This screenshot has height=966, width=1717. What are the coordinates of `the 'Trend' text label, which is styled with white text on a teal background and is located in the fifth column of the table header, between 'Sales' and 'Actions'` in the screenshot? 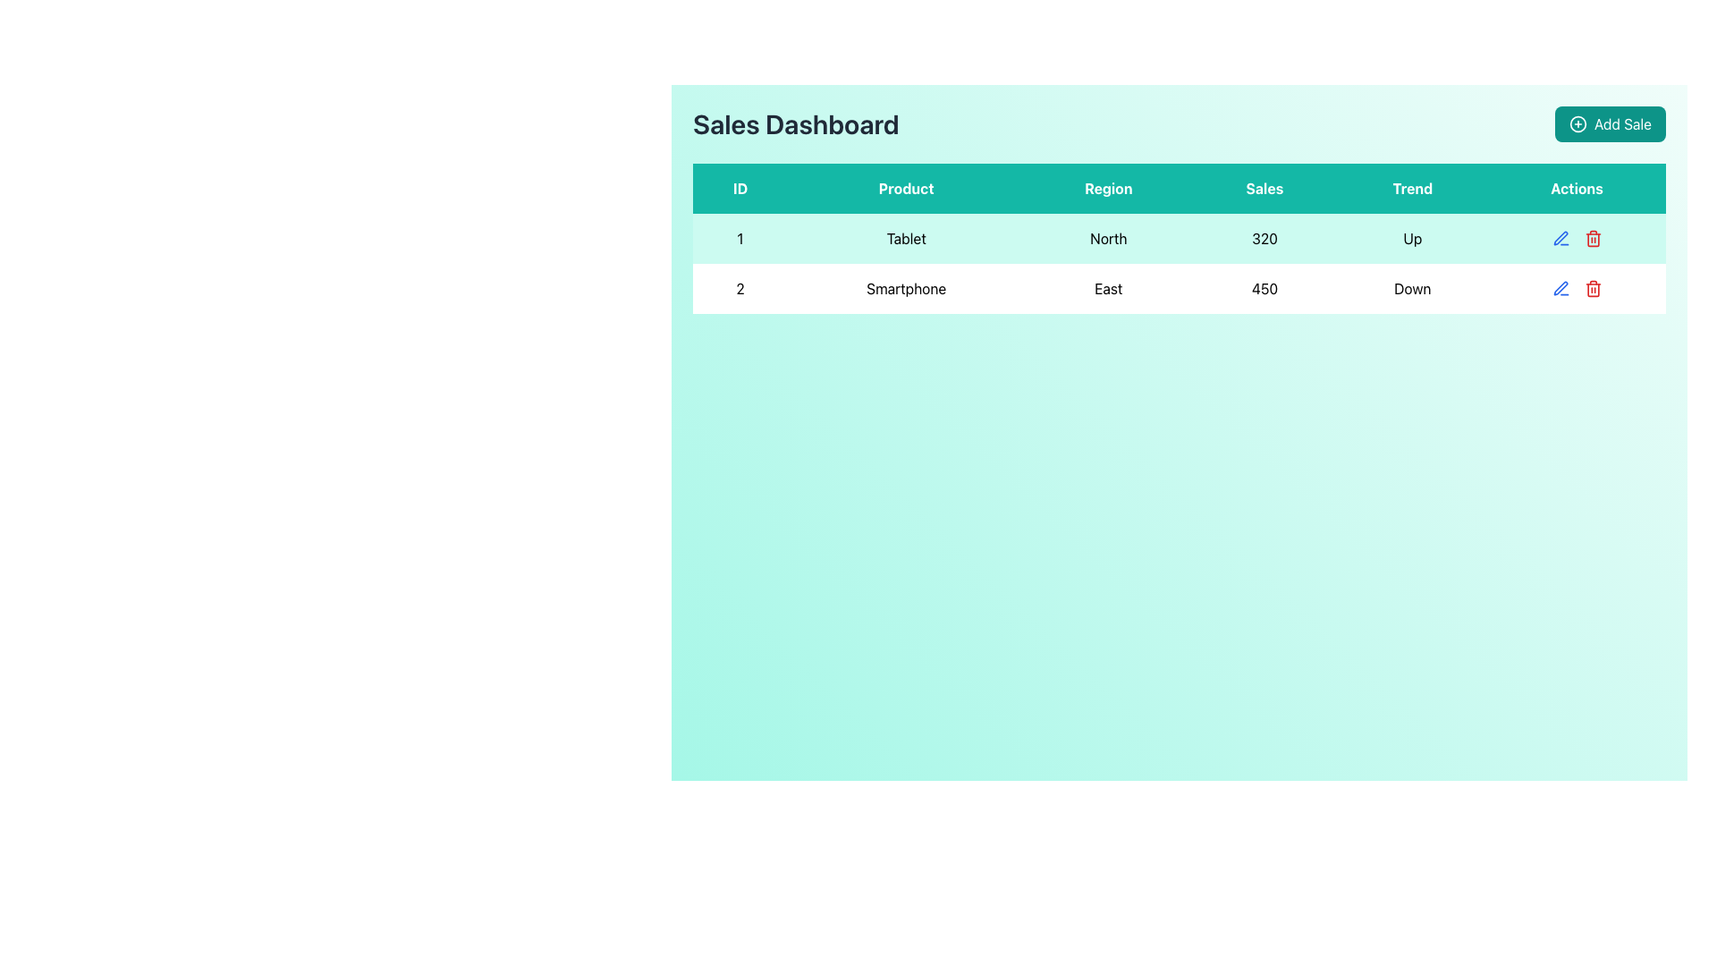 It's located at (1411, 189).